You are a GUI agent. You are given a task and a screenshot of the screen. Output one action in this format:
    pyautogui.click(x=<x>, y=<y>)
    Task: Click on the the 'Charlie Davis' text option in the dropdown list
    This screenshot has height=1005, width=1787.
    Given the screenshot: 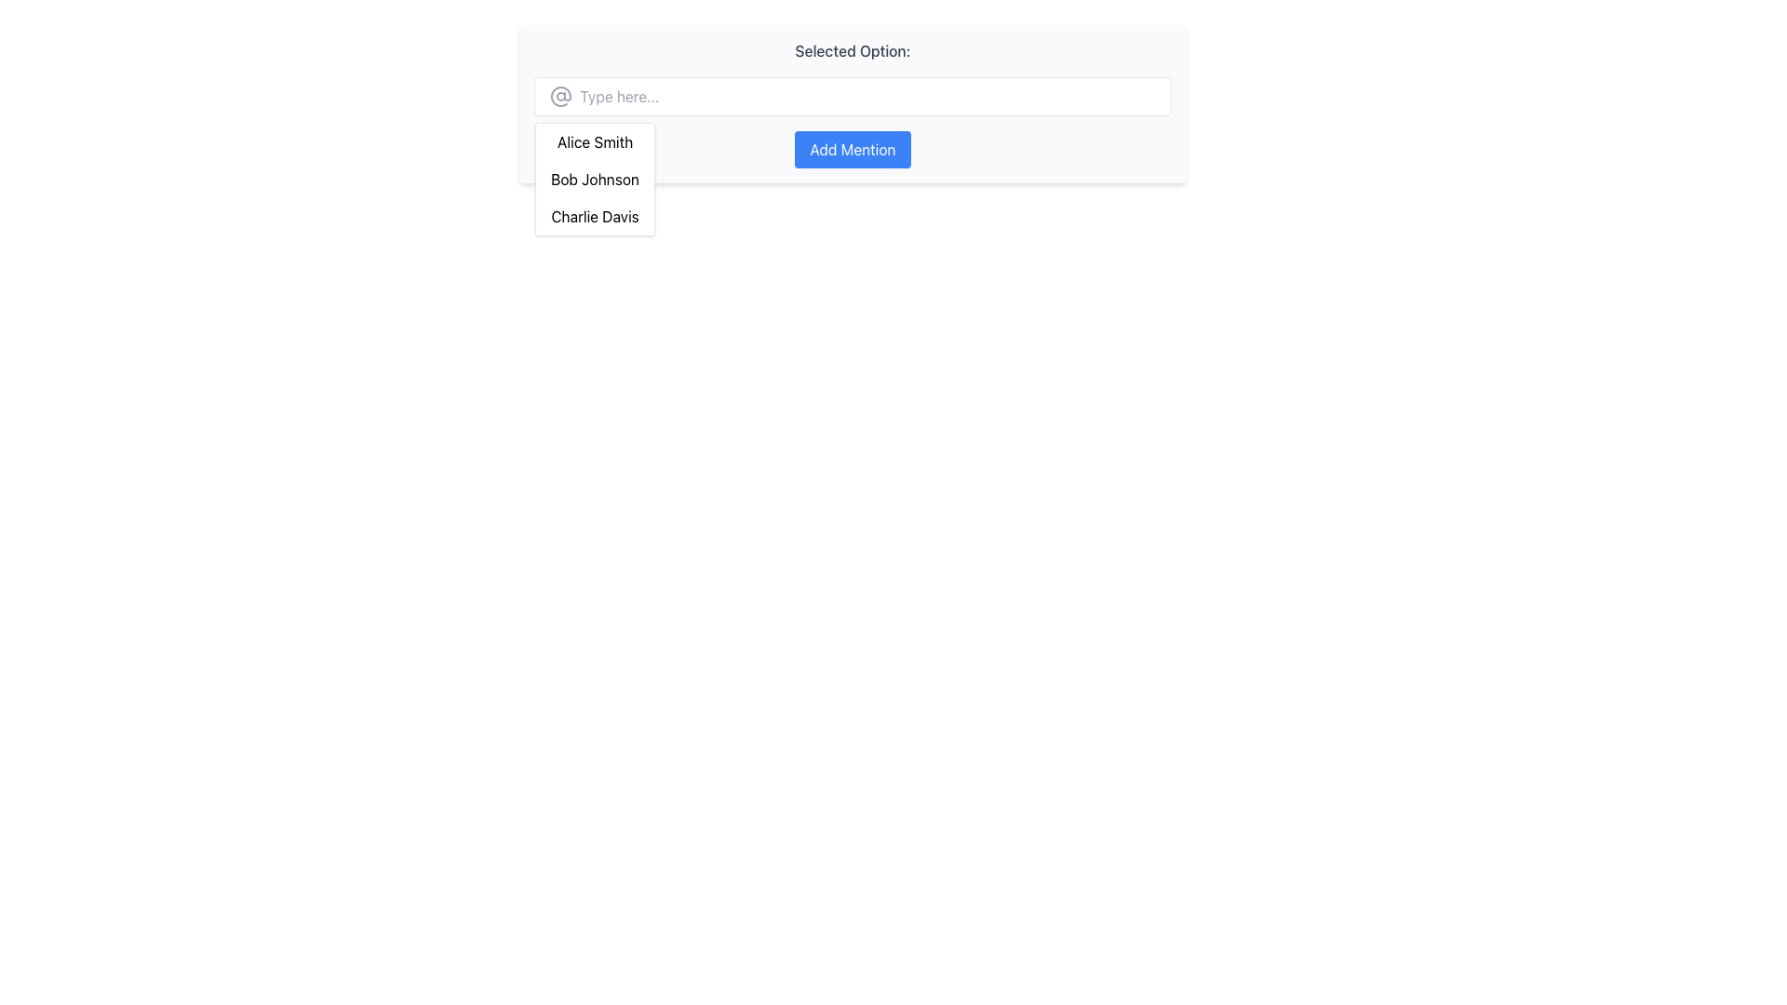 What is the action you would take?
    pyautogui.click(x=594, y=215)
    